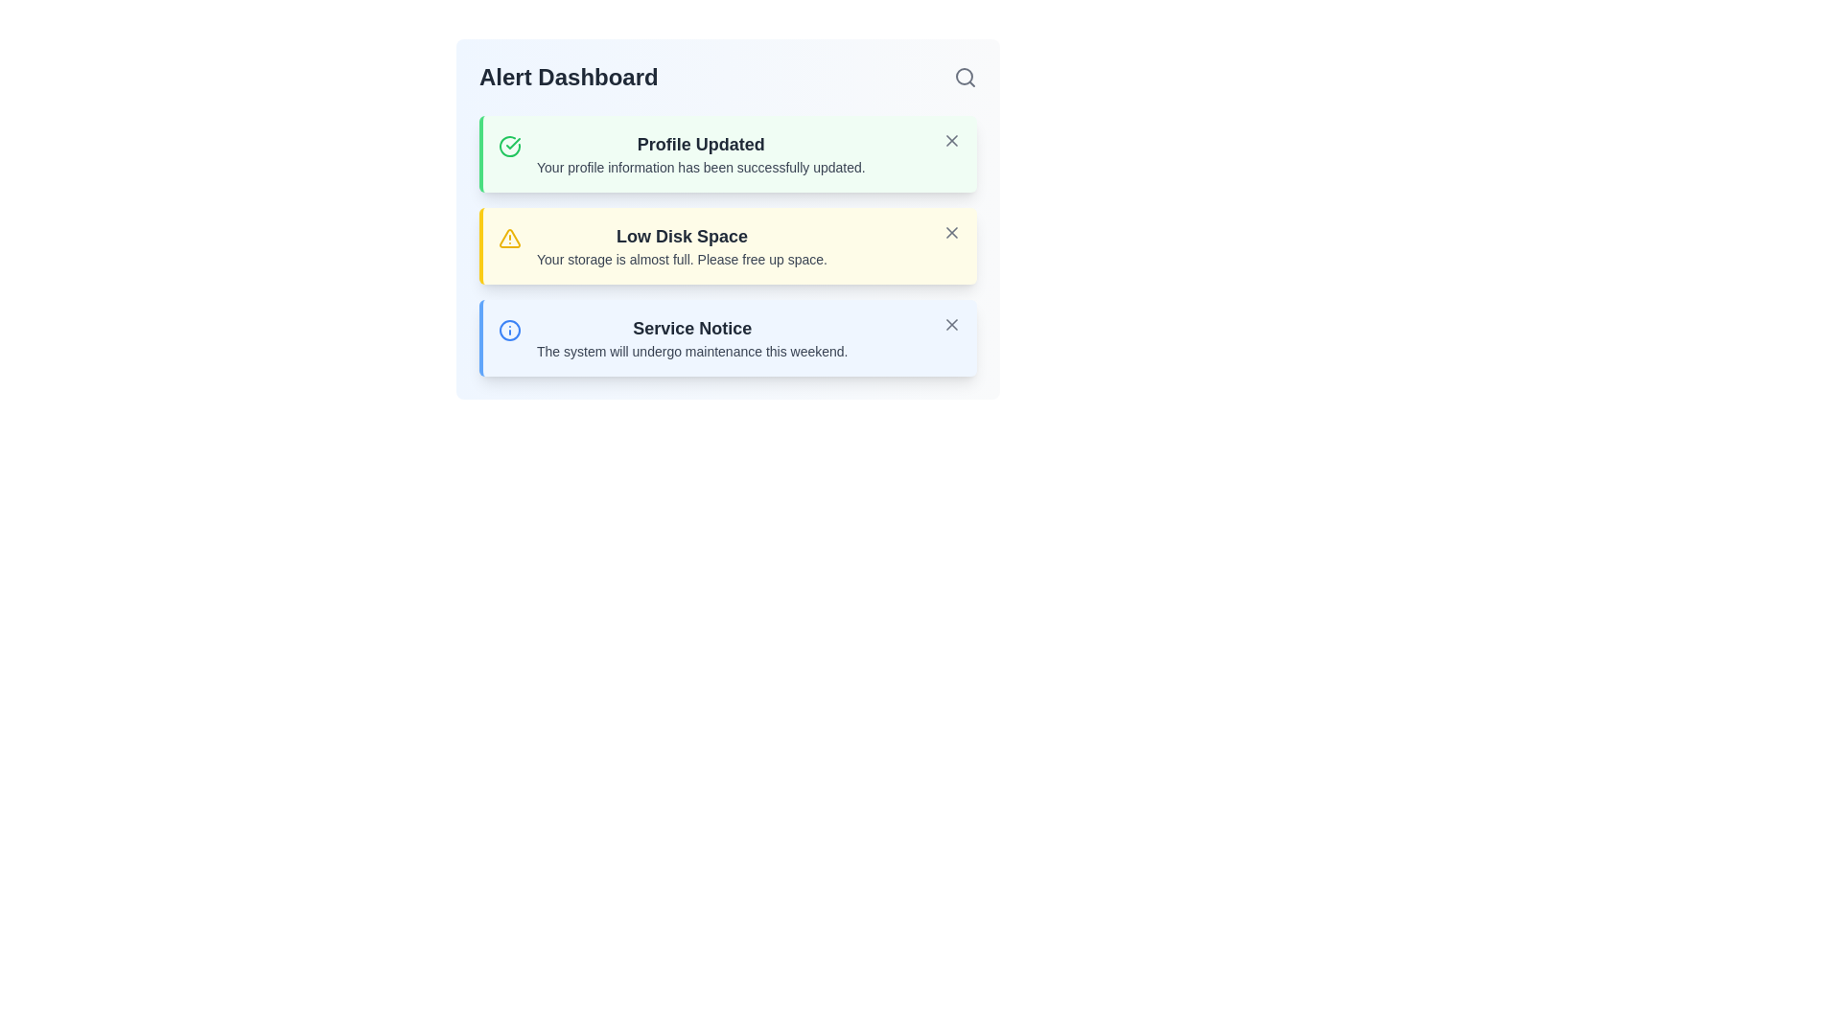 The width and height of the screenshot is (1841, 1035). Describe the element at coordinates (700, 153) in the screenshot. I see `notification text block that states 'Profile Updated' and 'Your profile information has been successfully updated.'` at that location.